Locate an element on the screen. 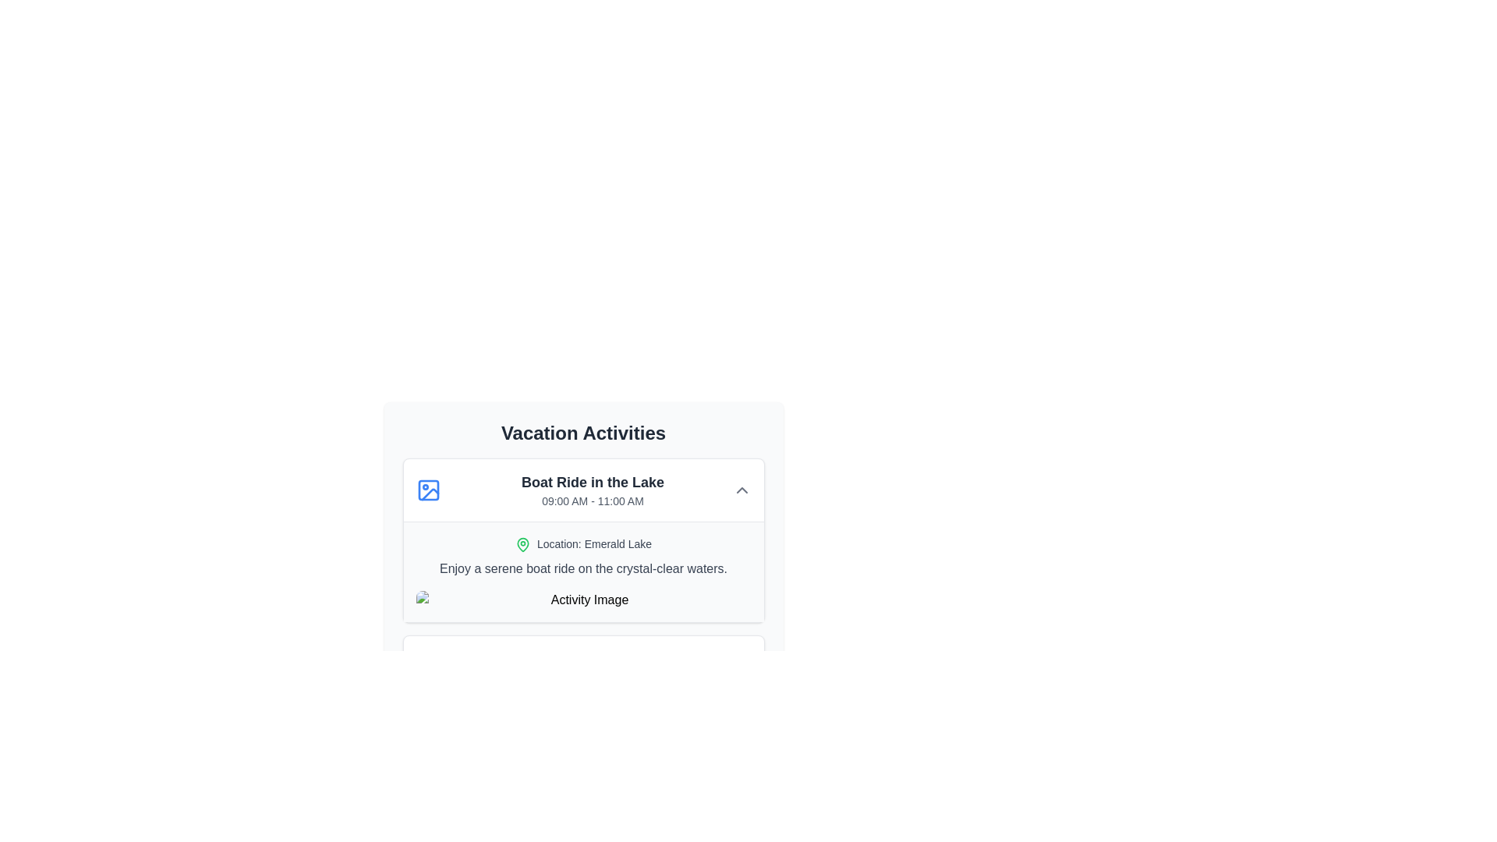 This screenshot has height=842, width=1497. the title of the scheduled activity displayed in the clickable header or summary component is located at coordinates (582, 489).